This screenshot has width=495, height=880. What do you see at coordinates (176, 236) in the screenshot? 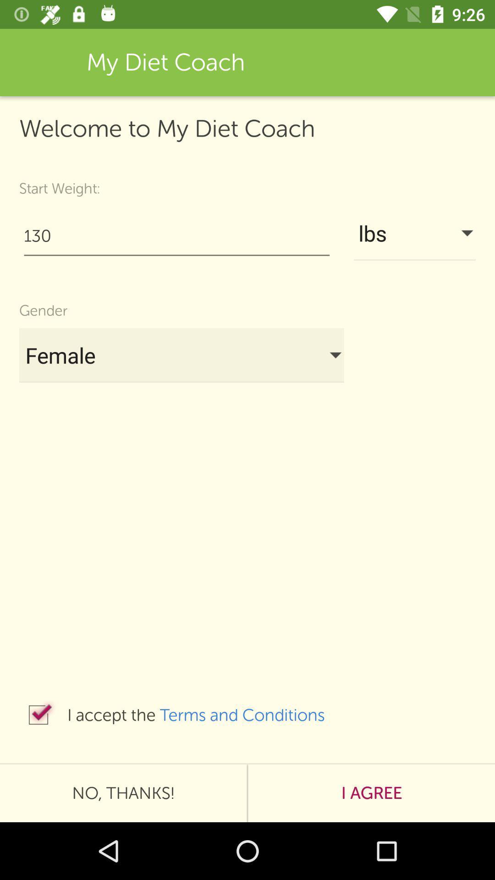
I see `130` at bounding box center [176, 236].